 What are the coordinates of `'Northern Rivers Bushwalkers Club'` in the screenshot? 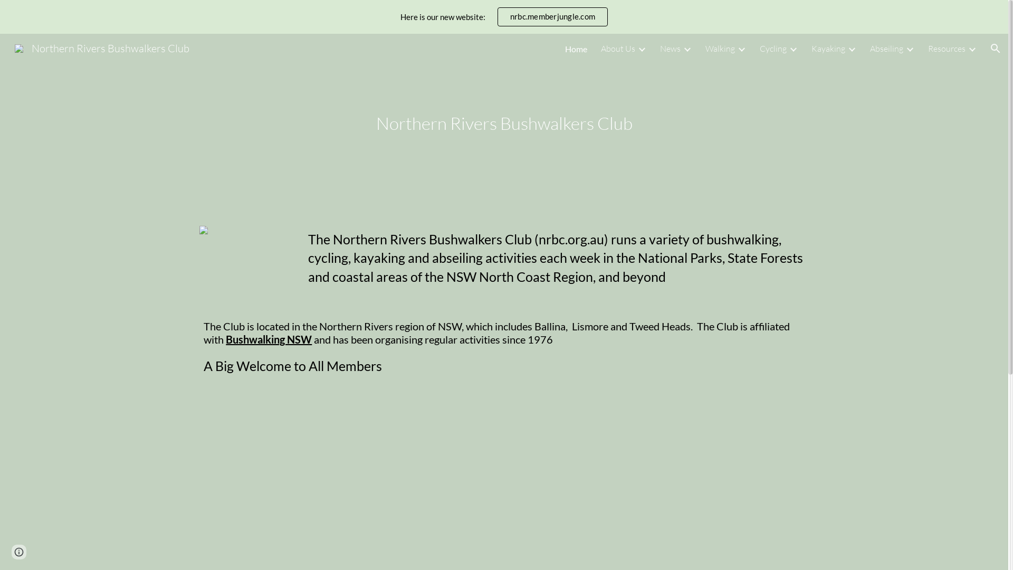 It's located at (102, 46).